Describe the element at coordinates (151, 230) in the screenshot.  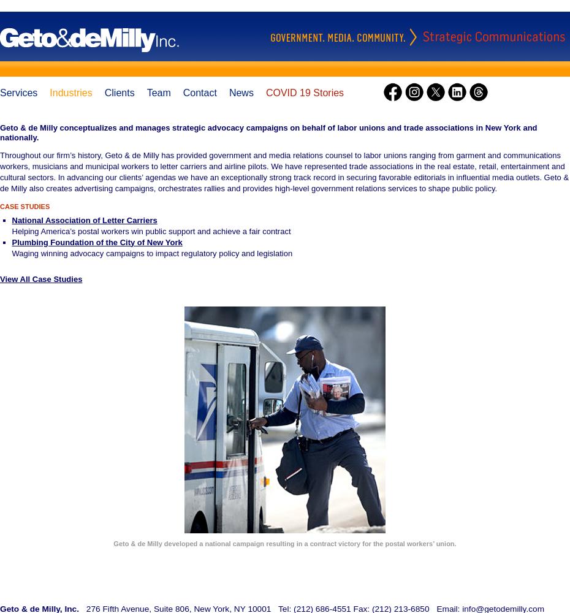
I see `'Helping America’s postal workers win public support and achieve a fair contract'` at that location.